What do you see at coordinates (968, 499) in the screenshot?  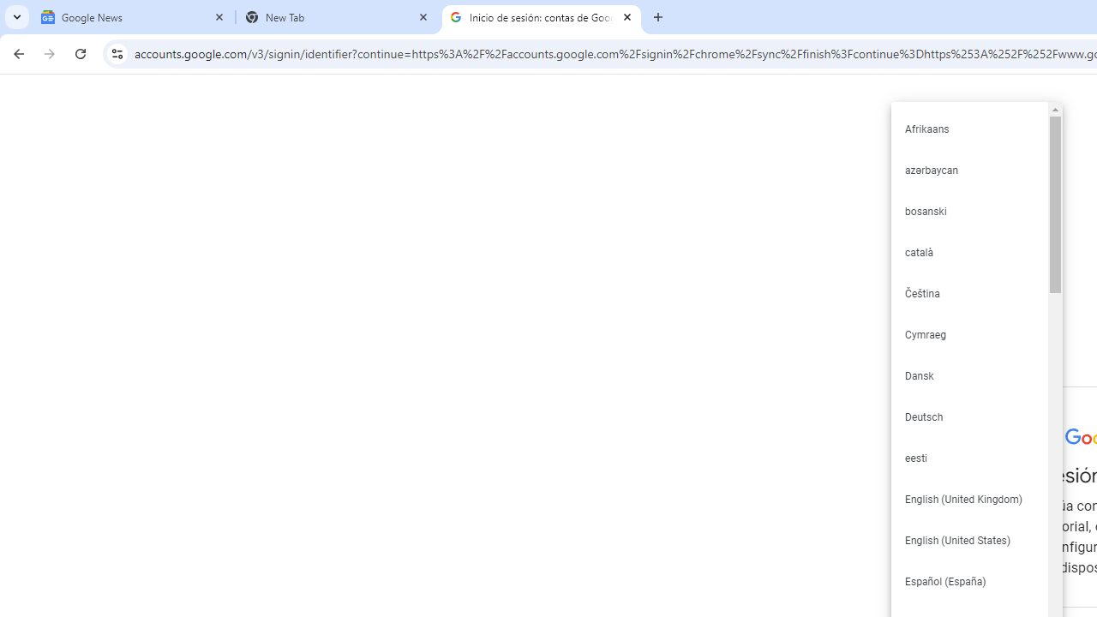 I see `'English (United Kingdom)'` at bounding box center [968, 499].